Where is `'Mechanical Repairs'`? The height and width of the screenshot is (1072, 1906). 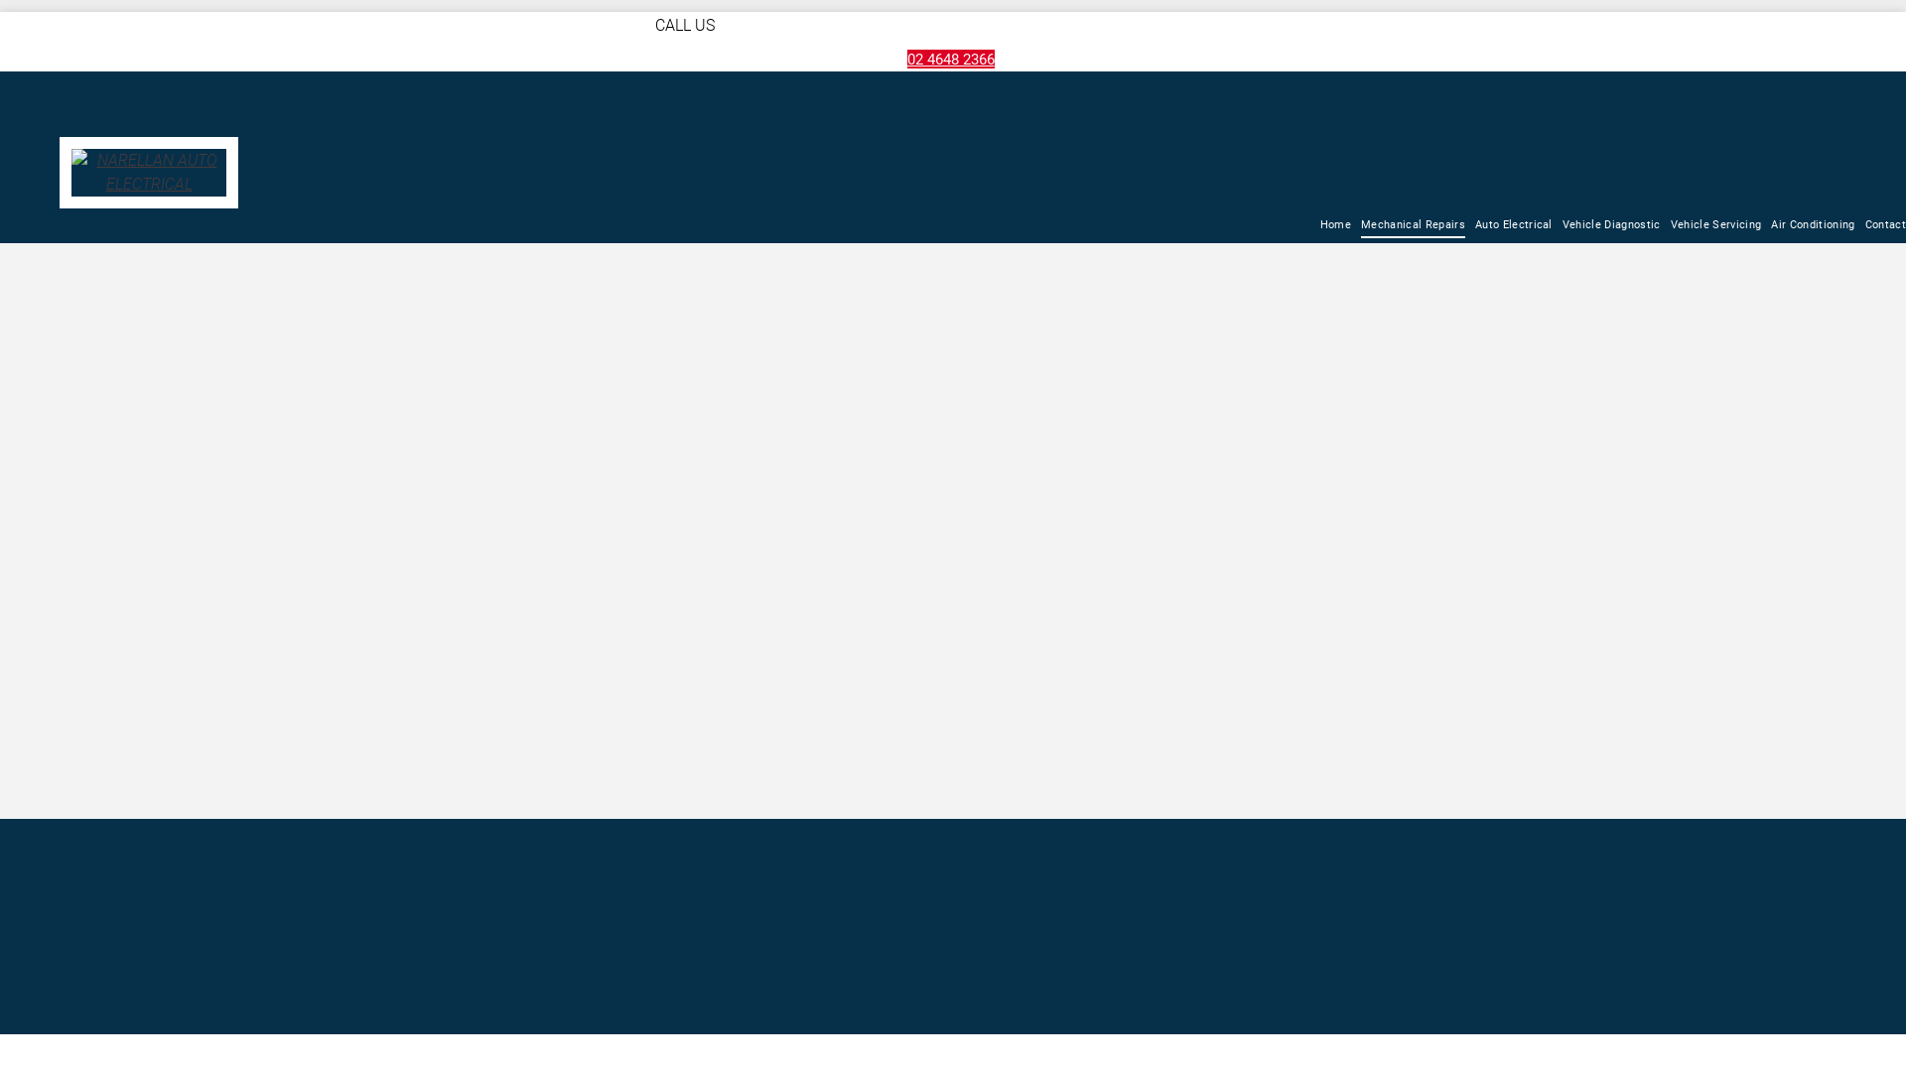 'Mechanical Repairs' is located at coordinates (1412, 224).